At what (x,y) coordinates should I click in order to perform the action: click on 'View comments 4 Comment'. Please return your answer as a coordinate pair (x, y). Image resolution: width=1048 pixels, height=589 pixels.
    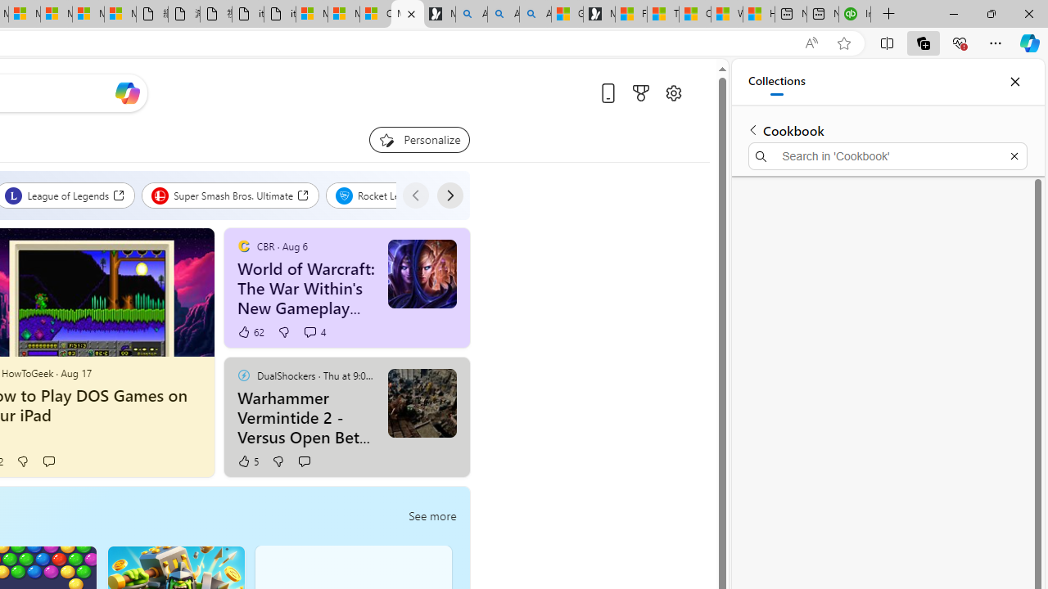
    Looking at the image, I should click on (314, 331).